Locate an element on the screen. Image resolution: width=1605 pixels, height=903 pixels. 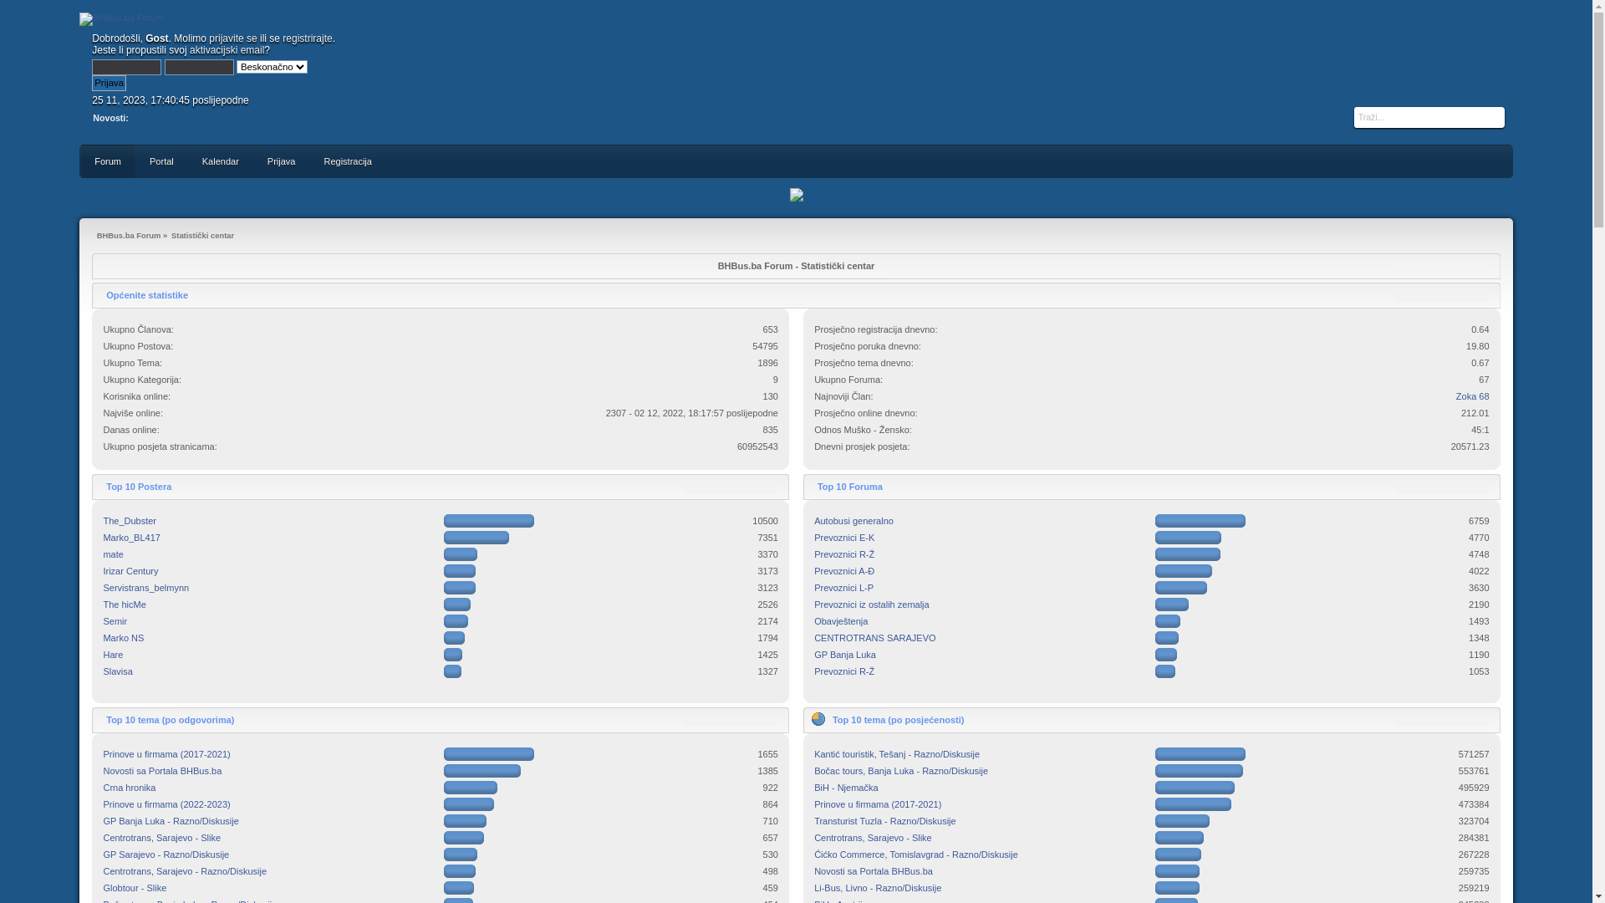
'Forum' is located at coordinates (79, 161).